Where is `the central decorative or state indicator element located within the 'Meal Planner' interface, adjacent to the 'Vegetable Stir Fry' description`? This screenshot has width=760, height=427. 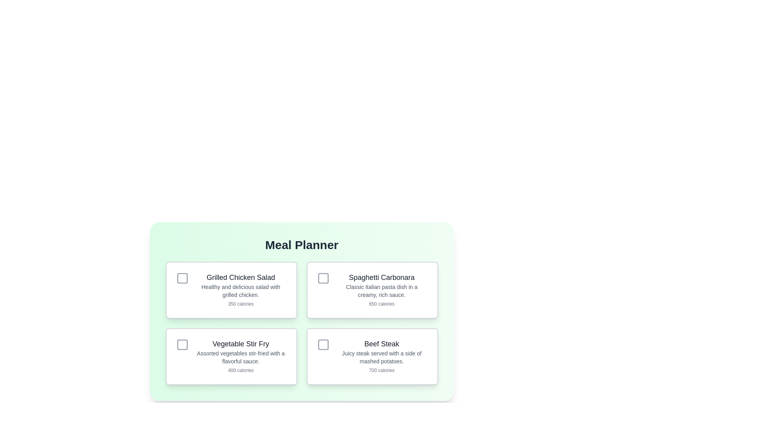 the central decorative or state indicator element located within the 'Meal Planner' interface, adjacent to the 'Vegetable Stir Fry' description is located at coordinates (182, 344).